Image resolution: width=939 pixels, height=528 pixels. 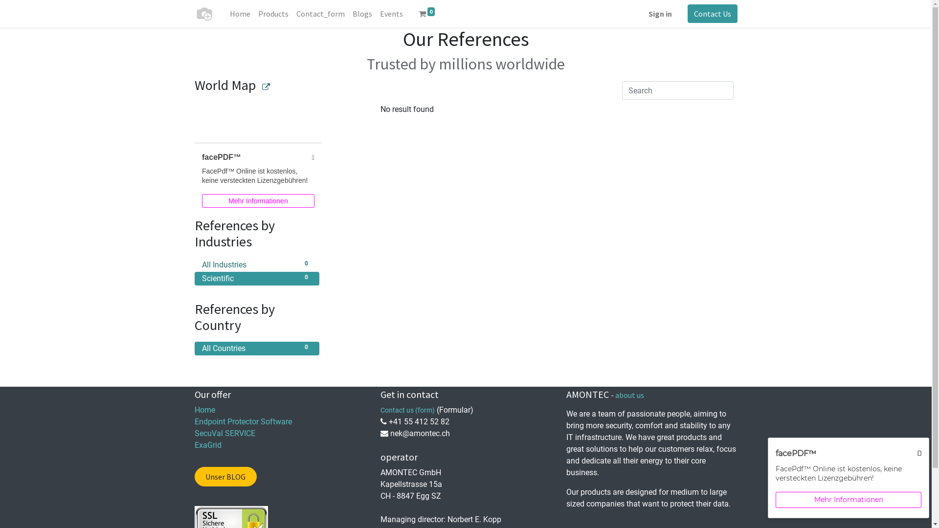 What do you see at coordinates (407, 410) in the screenshot?
I see `'Contact us (form)'` at bounding box center [407, 410].